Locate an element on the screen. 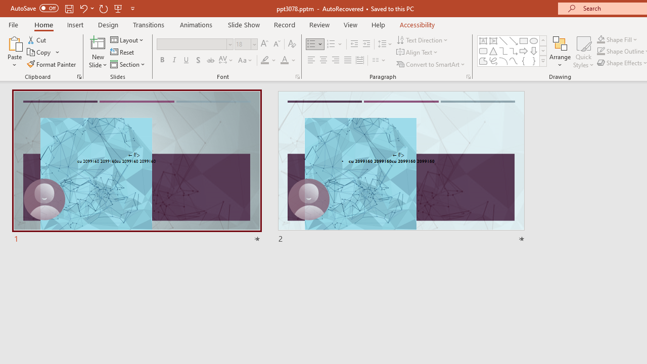 This screenshot has height=364, width=647. 'Freeform: Scribble' is located at coordinates (493, 61).